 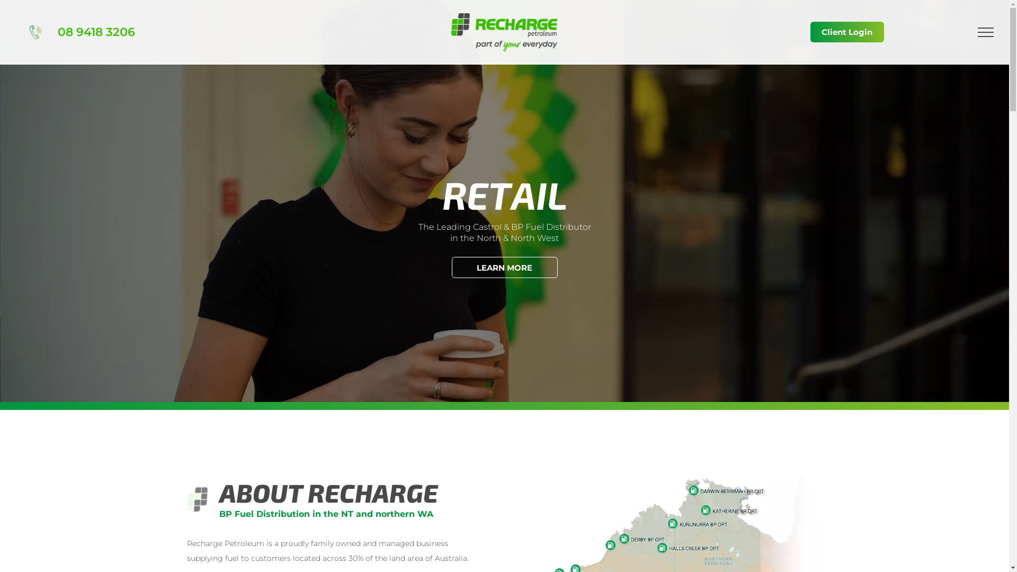 What do you see at coordinates (846, 31) in the screenshot?
I see `'Client Login'` at bounding box center [846, 31].